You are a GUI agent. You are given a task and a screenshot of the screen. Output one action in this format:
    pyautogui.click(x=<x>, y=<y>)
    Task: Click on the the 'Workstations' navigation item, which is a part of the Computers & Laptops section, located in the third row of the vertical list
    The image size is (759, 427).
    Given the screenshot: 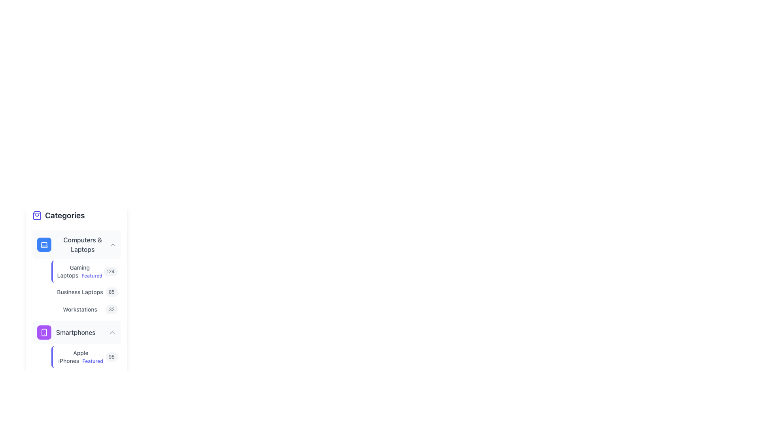 What is the action you would take?
    pyautogui.click(x=86, y=309)
    